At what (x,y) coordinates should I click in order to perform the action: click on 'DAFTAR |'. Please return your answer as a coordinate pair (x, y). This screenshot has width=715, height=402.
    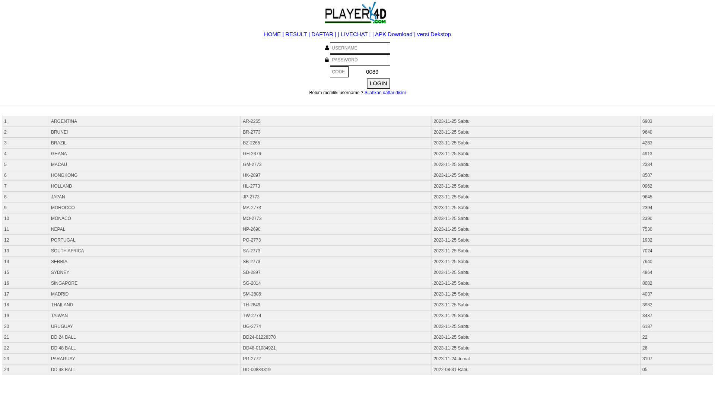
    Looking at the image, I should click on (311, 34).